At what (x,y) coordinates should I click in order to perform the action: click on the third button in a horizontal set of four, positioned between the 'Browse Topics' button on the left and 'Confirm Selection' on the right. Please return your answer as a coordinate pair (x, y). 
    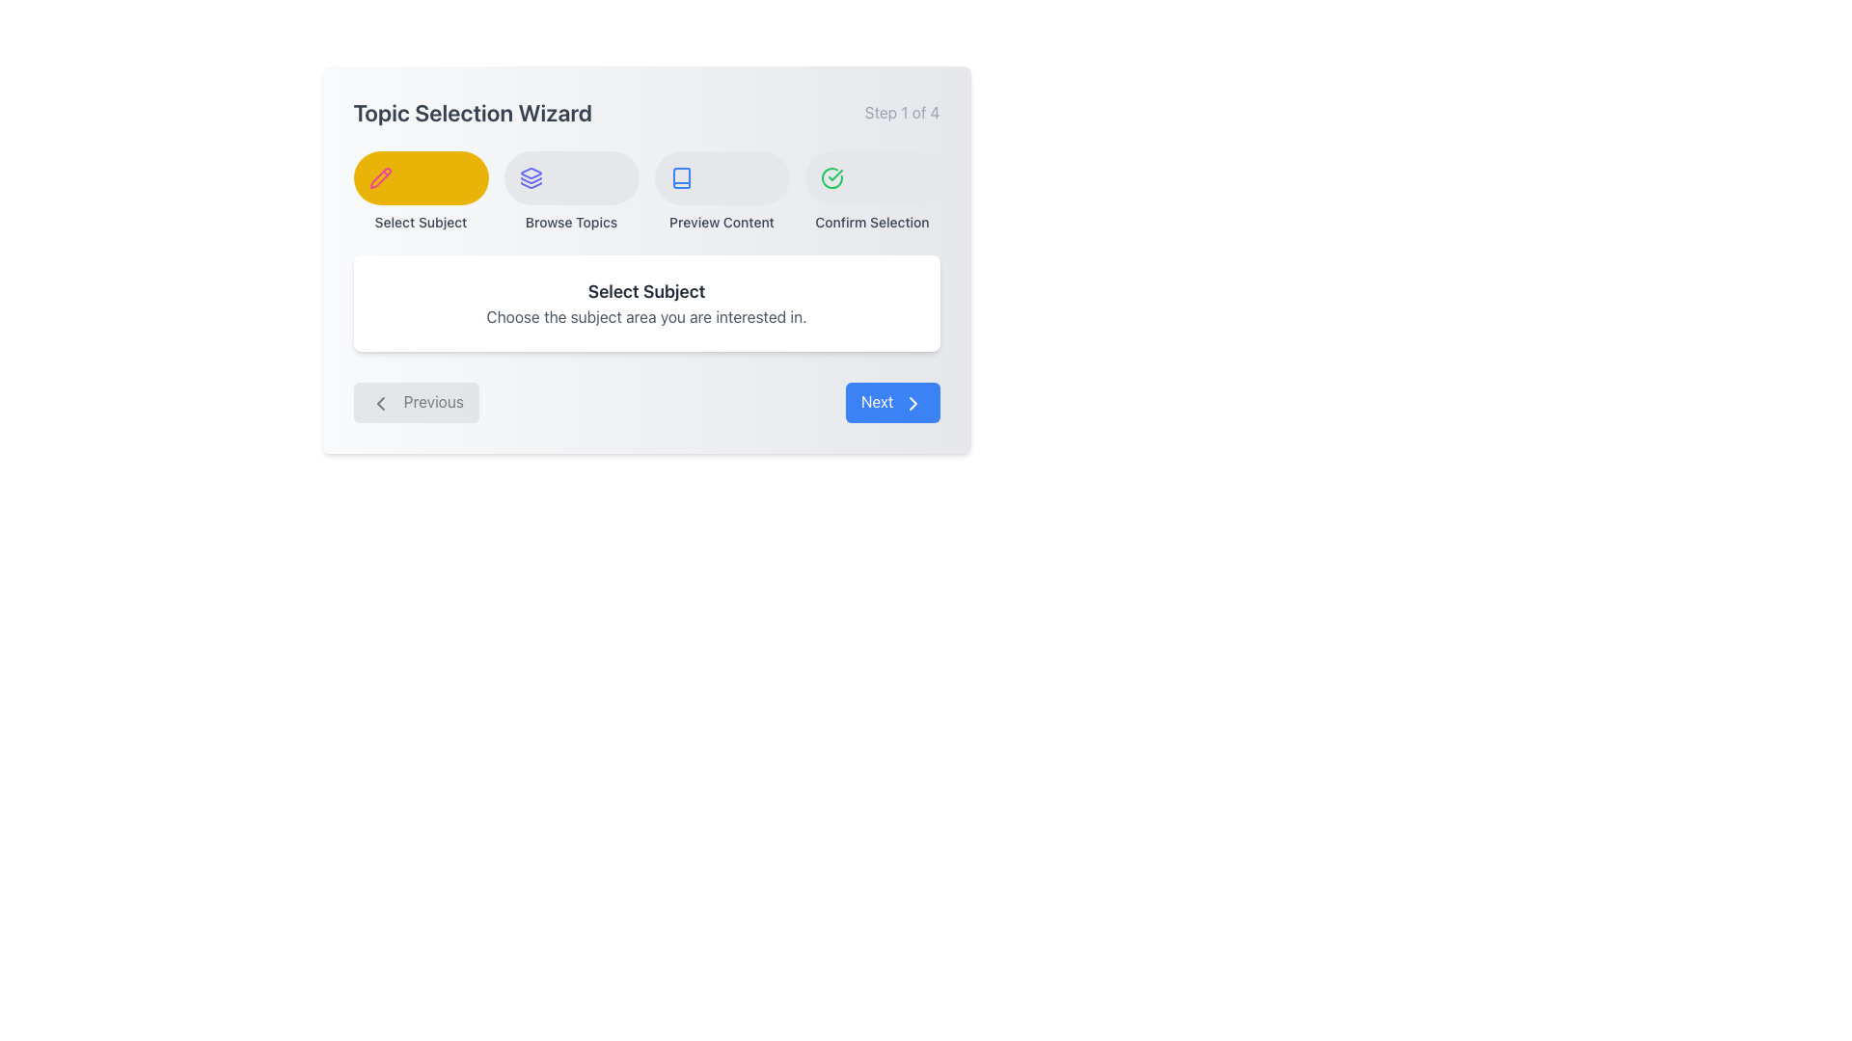
    Looking at the image, I should click on (721, 192).